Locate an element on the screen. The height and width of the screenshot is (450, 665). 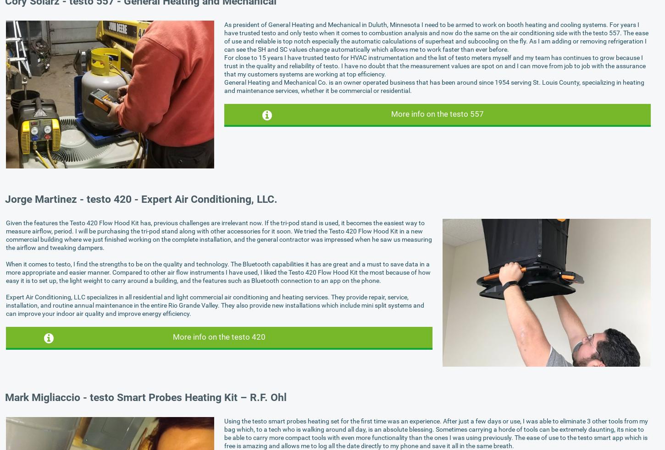
'General Heating and Mechanical Co. is an owner operated business that has been around since 1954 serving St. Louis County, specializing in heating and maintenance services, whether it be commercial or residential.' is located at coordinates (433, 87).